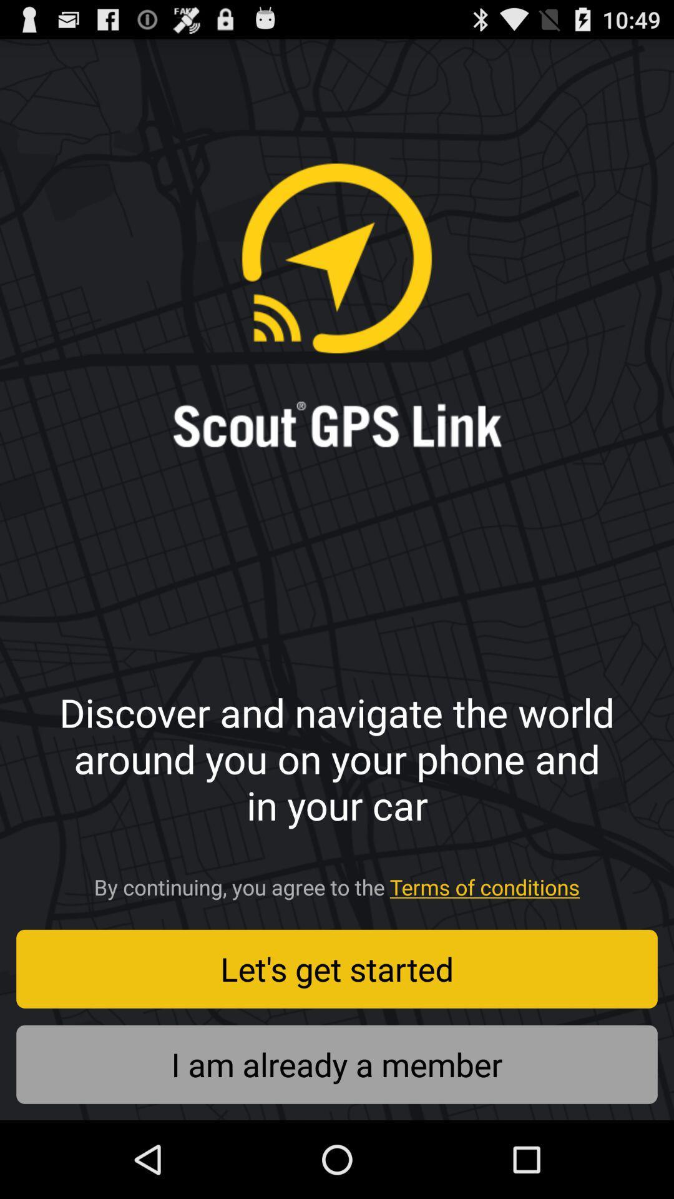 The width and height of the screenshot is (674, 1199). I want to click on item above the let s get, so click(337, 882).